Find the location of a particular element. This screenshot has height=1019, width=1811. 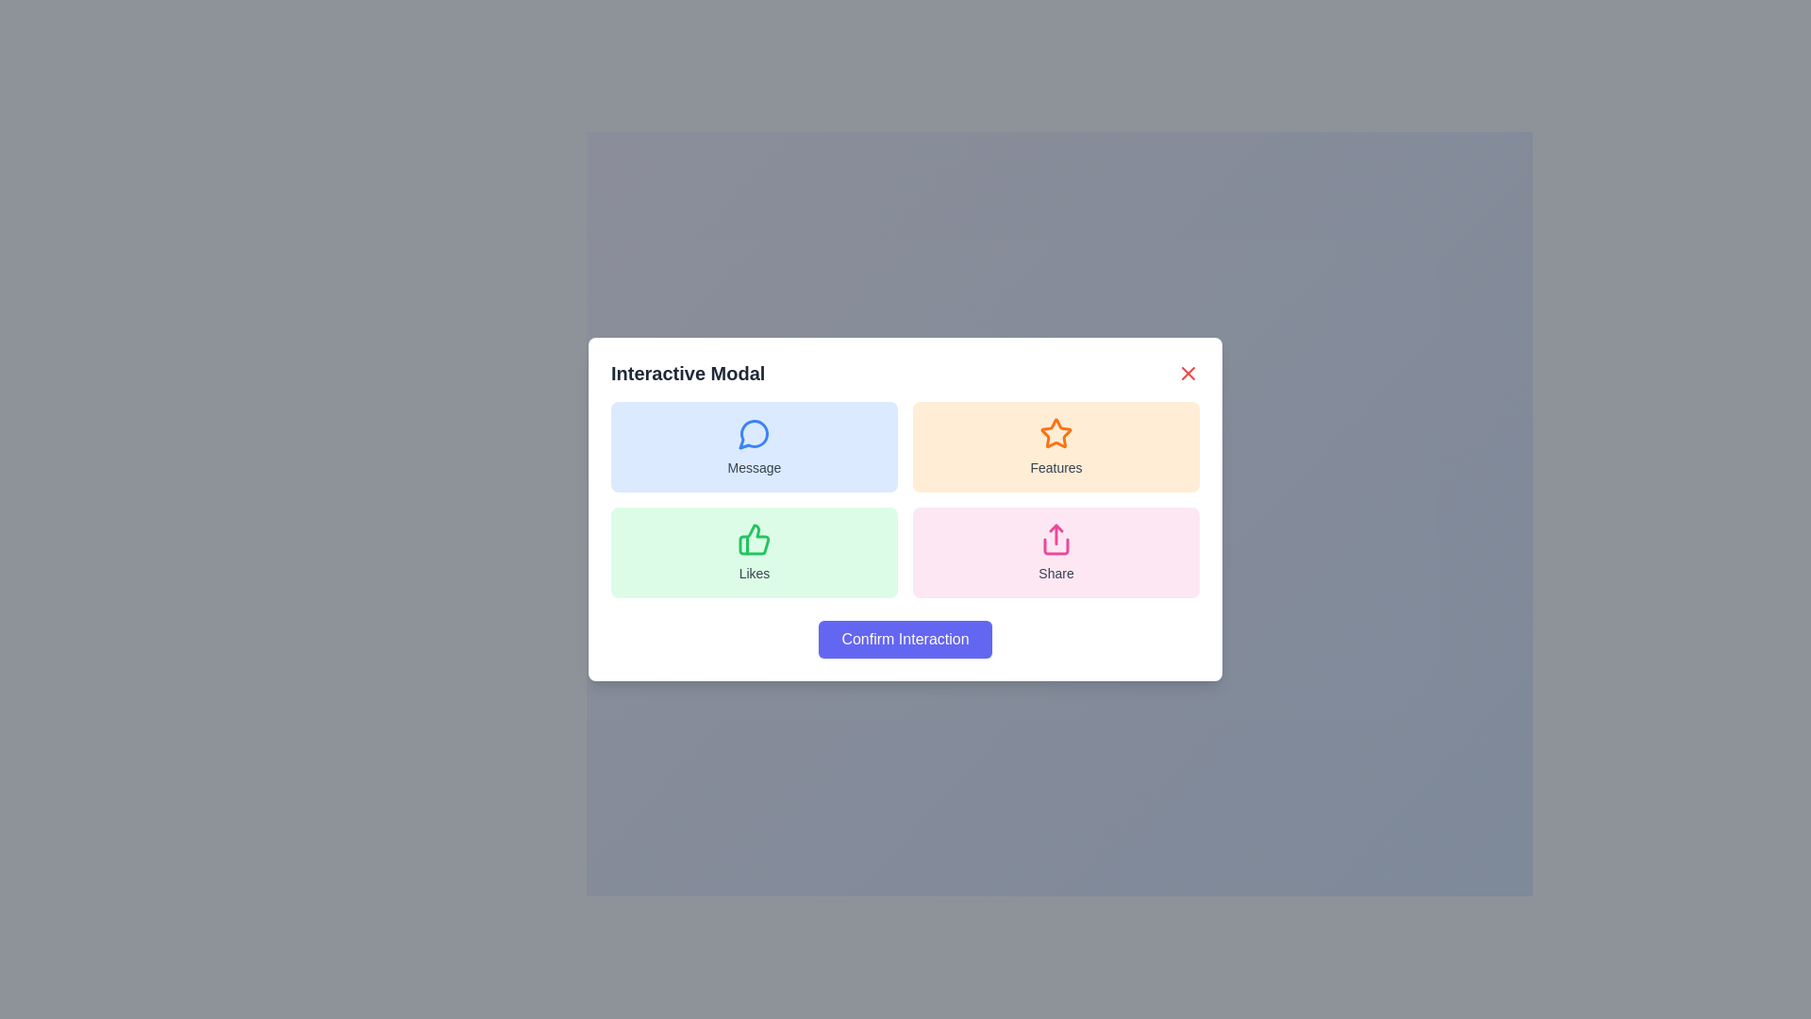

the 'Confirm Interaction' button, which is a blue button with rounded corners and white text, located at the center bottom of the modal window is located at coordinates (905, 639).